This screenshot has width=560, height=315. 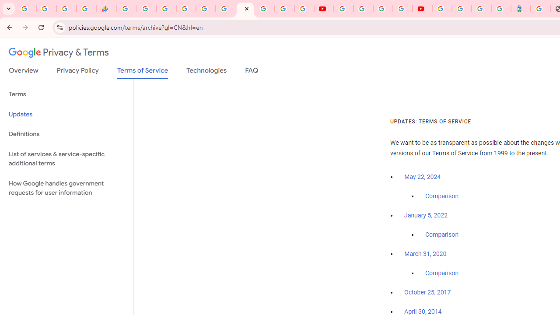 I want to click on 'Google Account Help', so click(x=363, y=9).